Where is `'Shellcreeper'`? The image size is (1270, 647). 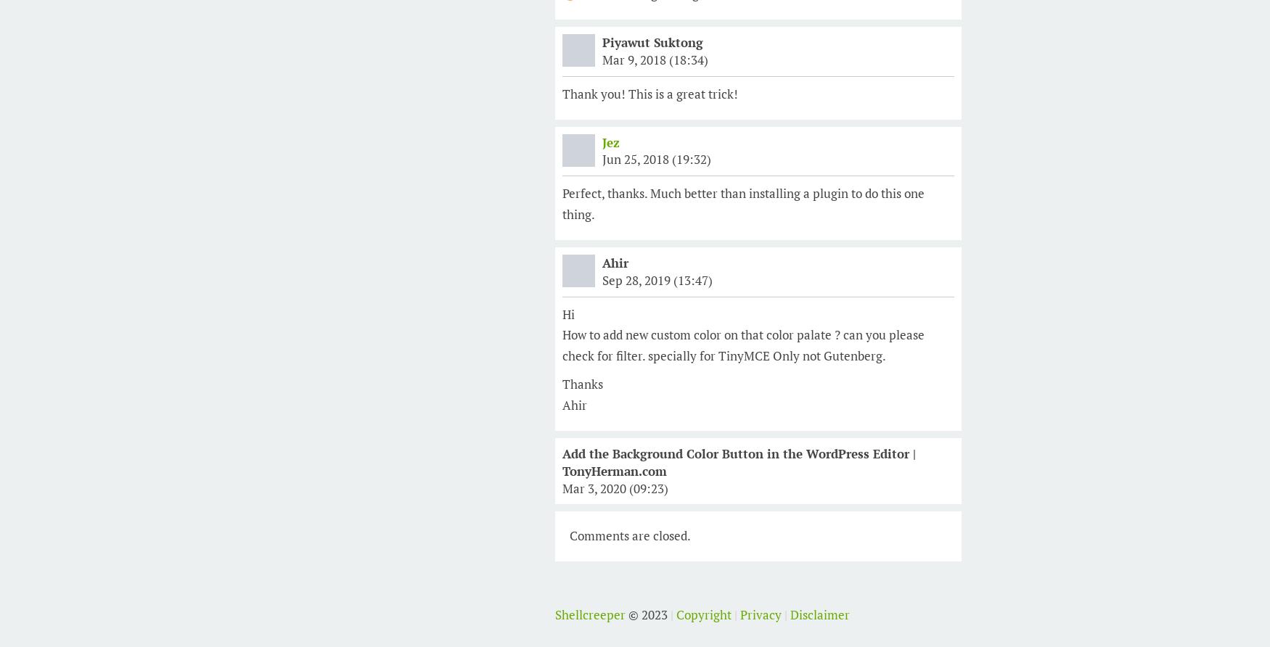
'Shellcreeper' is located at coordinates (589, 614).